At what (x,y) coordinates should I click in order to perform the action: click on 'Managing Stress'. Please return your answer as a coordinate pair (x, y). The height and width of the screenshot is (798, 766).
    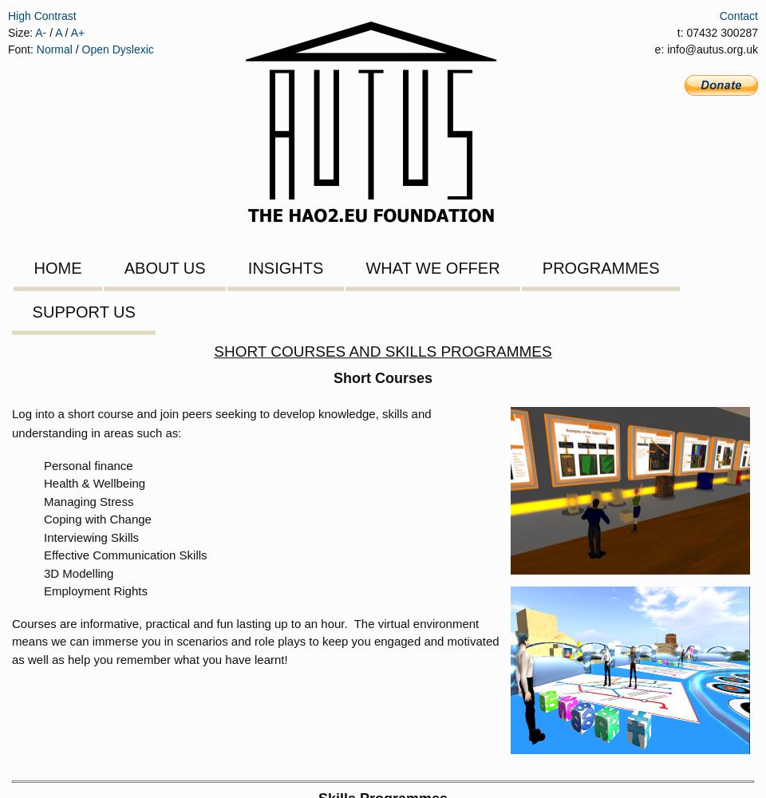
    Looking at the image, I should click on (43, 500).